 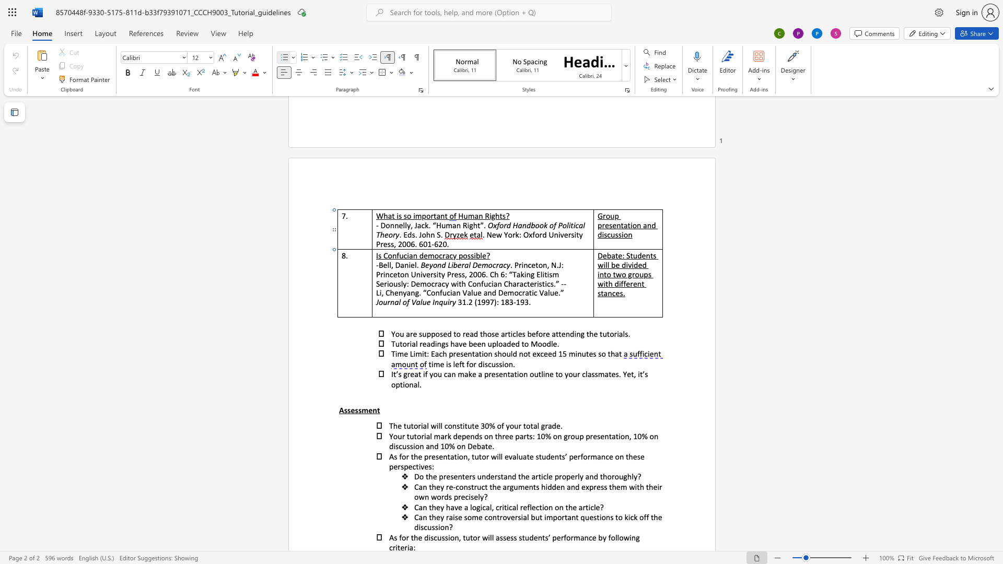 I want to click on the space between the continuous character "p" and "o" in the text, so click(x=556, y=517).